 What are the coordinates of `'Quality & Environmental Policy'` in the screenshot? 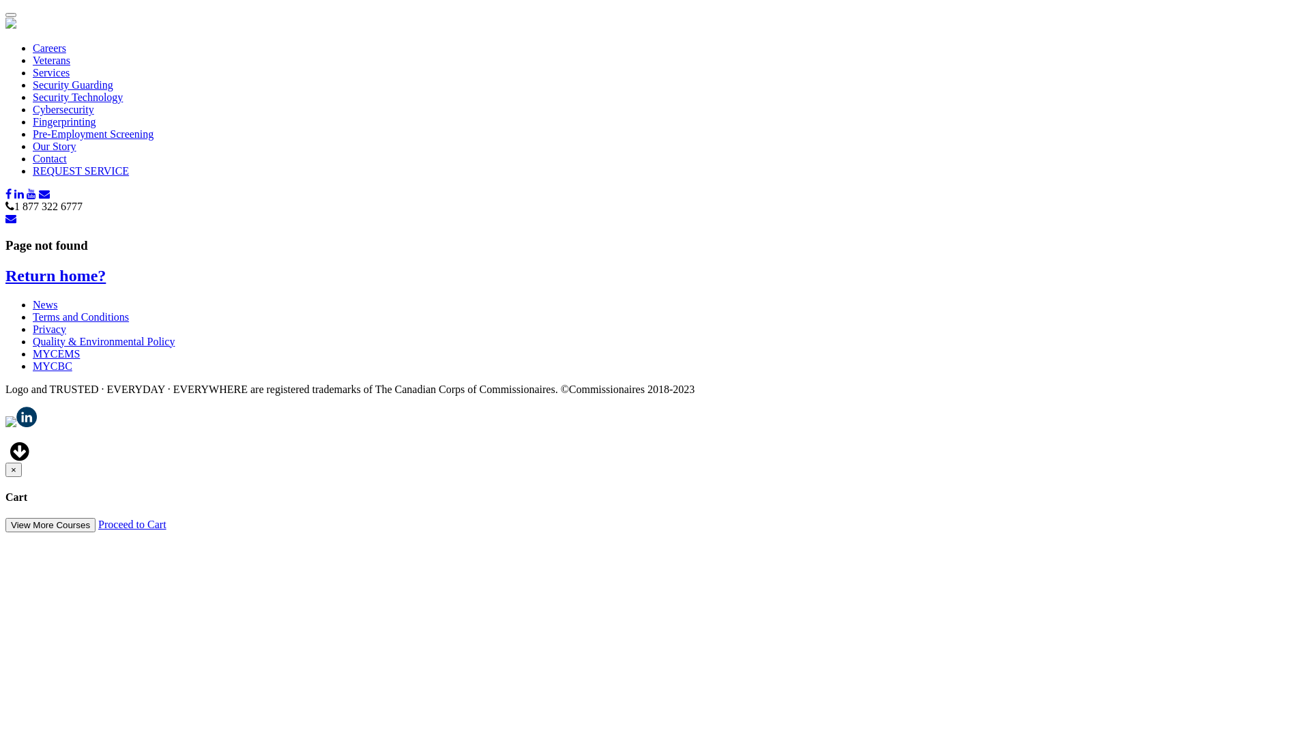 It's located at (33, 341).